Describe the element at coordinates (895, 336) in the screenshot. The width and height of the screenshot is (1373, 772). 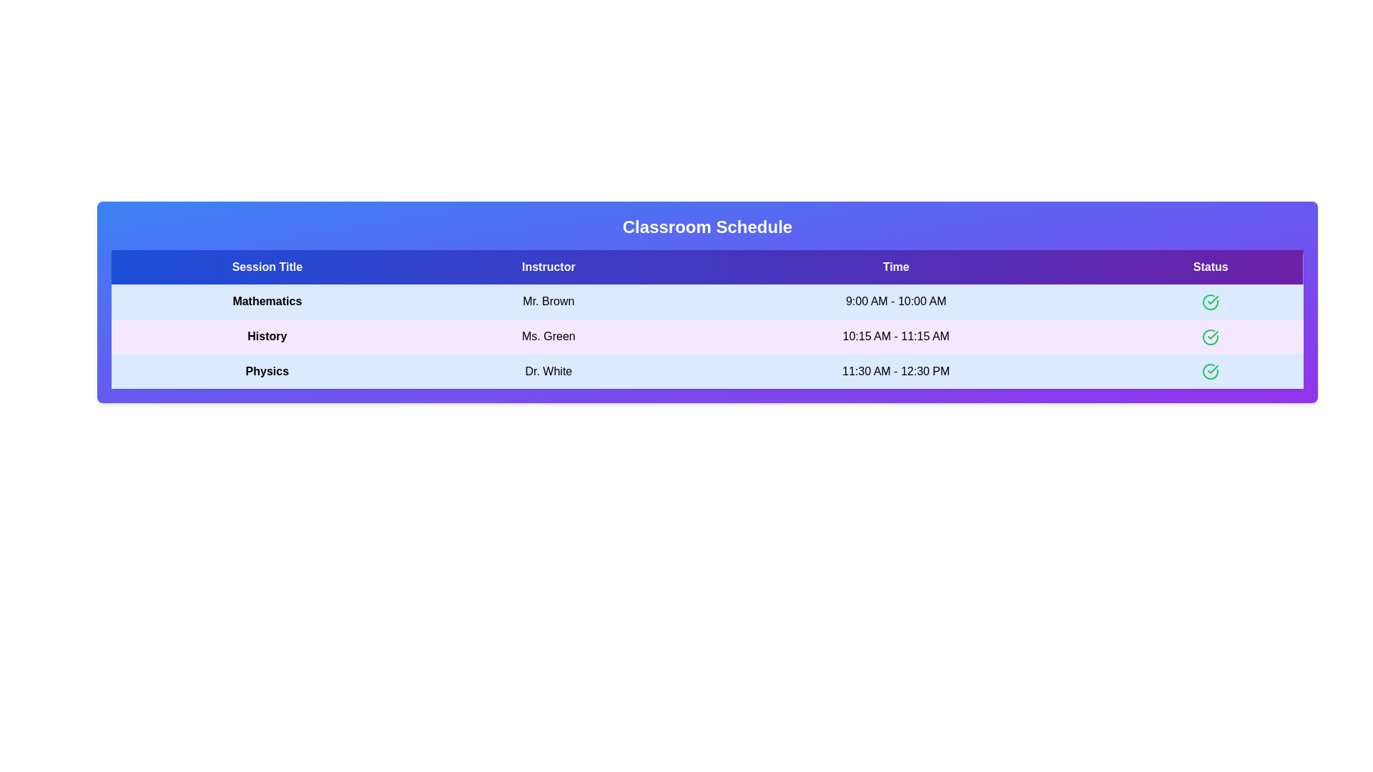
I see `the text element 10:15 AM - 11:15 AM to select or copy its content` at that location.